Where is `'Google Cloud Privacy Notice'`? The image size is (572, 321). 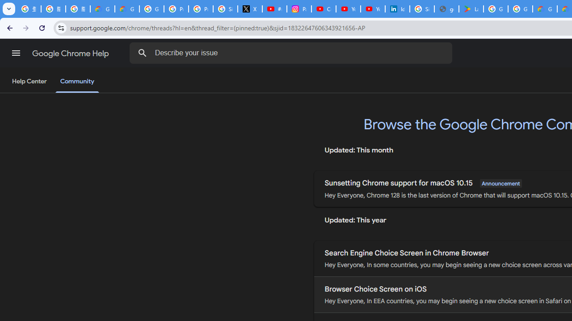 'Google Cloud Privacy Notice' is located at coordinates (102, 9).